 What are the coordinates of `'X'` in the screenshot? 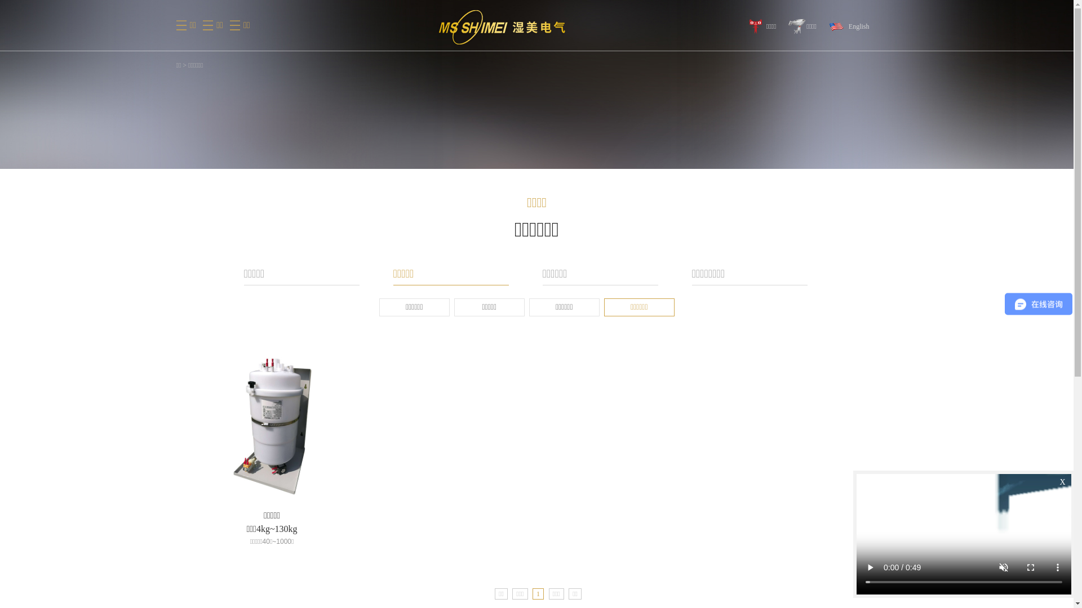 It's located at (1062, 481).